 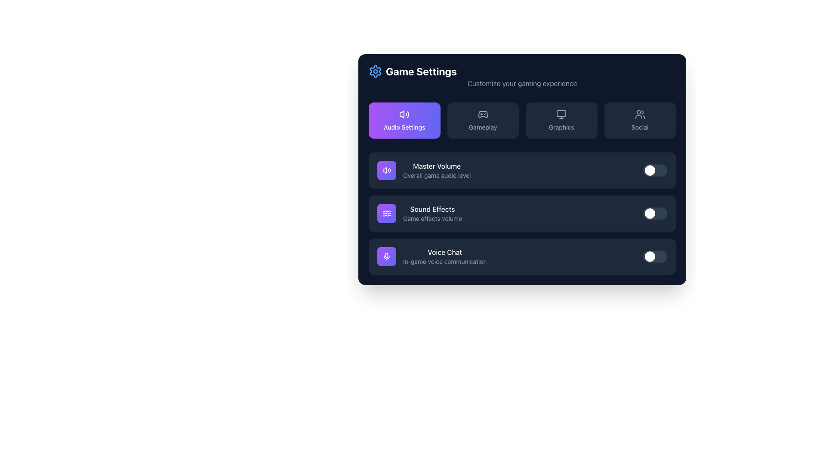 I want to click on the sound effects volume setting toggle control, which is the second item in the vertical list of the Audio Settings section, so click(x=522, y=213).